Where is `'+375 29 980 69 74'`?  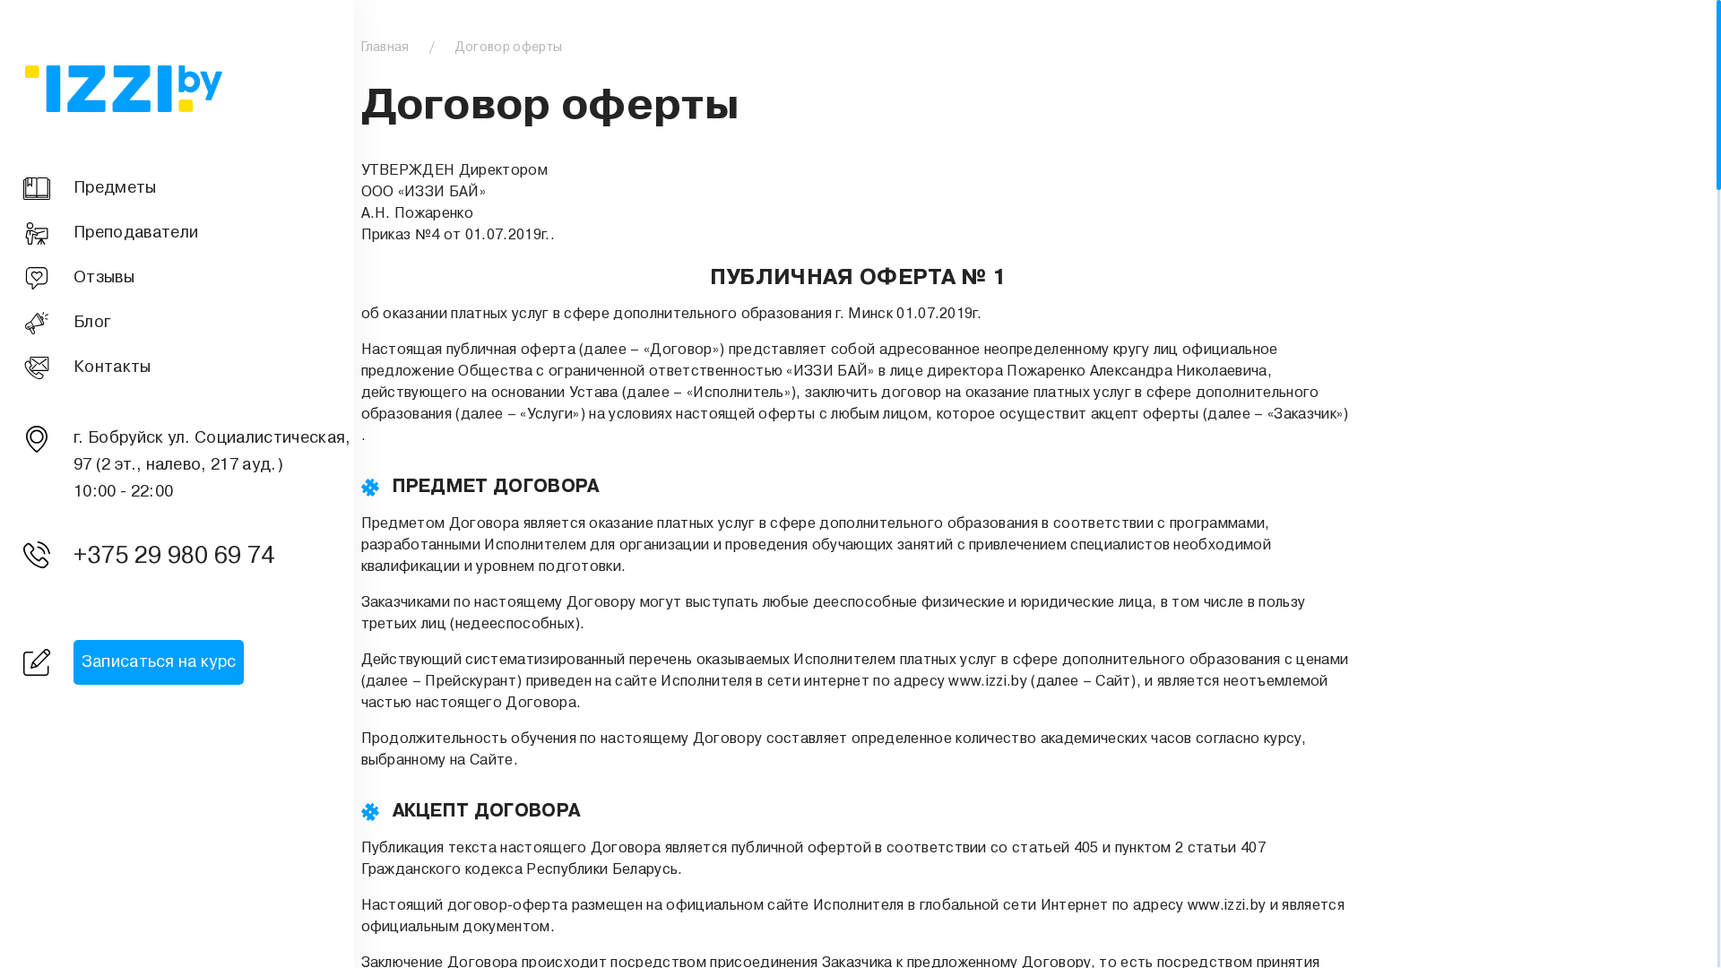
'+375 29 980 69 74' is located at coordinates (180, 556).